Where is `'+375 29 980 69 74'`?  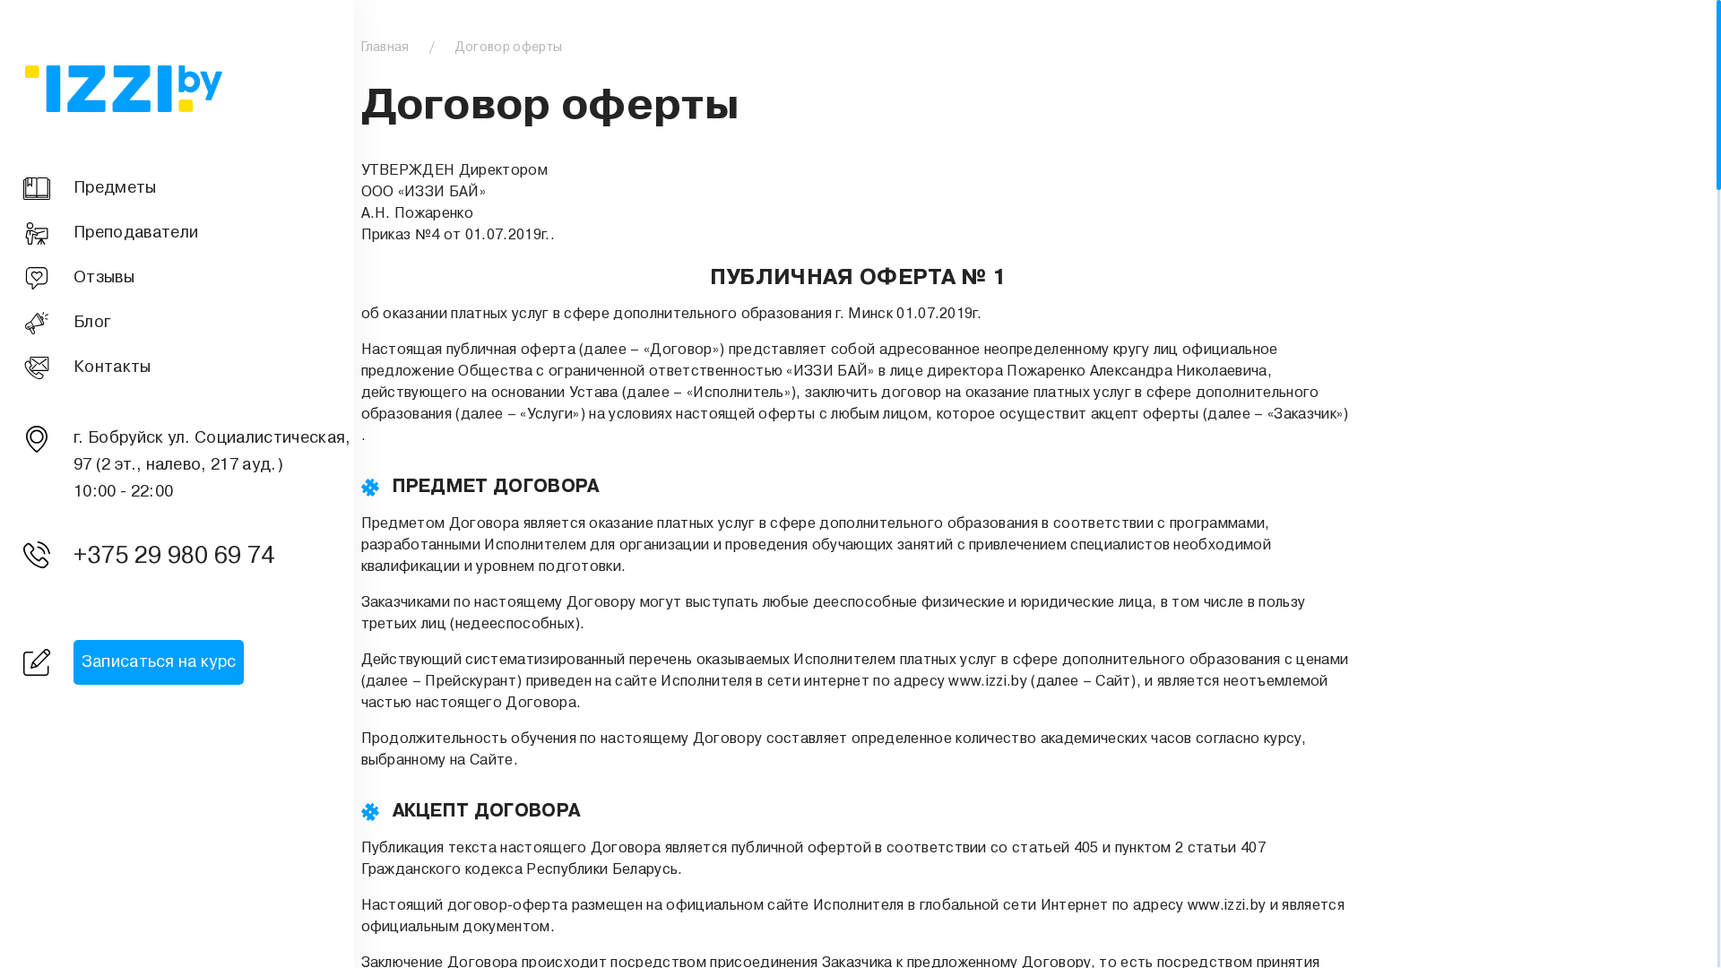
'+375 29 980 69 74' is located at coordinates (180, 556).